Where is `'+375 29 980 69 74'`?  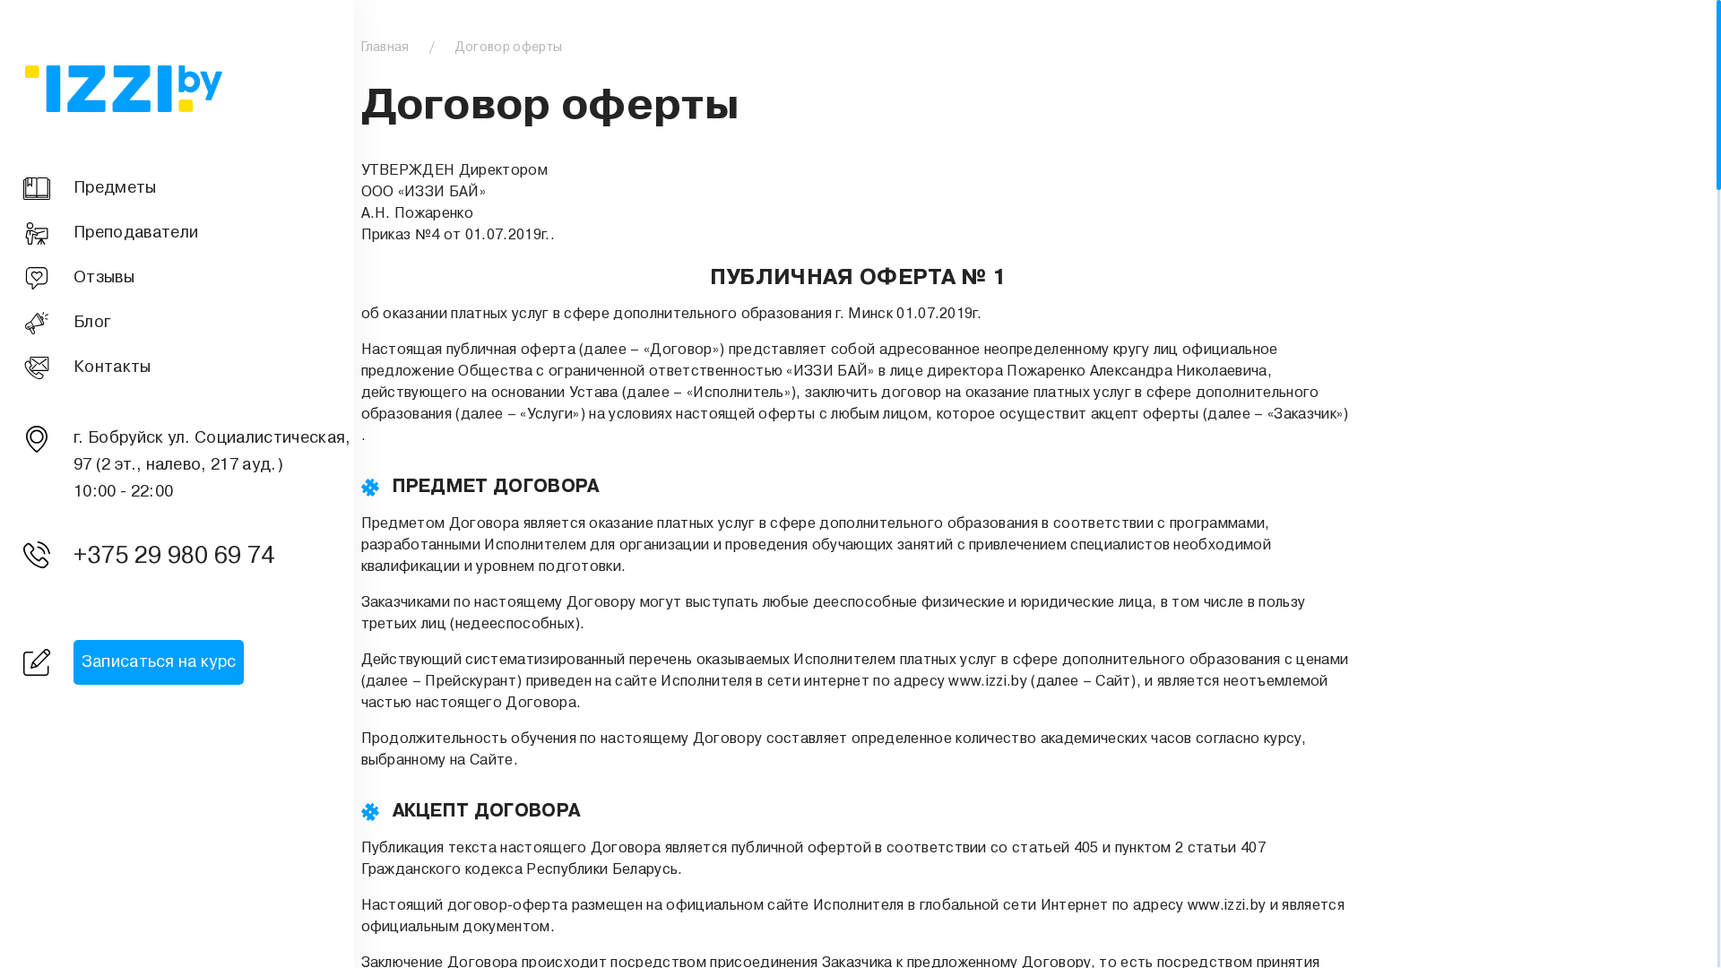
'+375 29 980 69 74' is located at coordinates (180, 556).